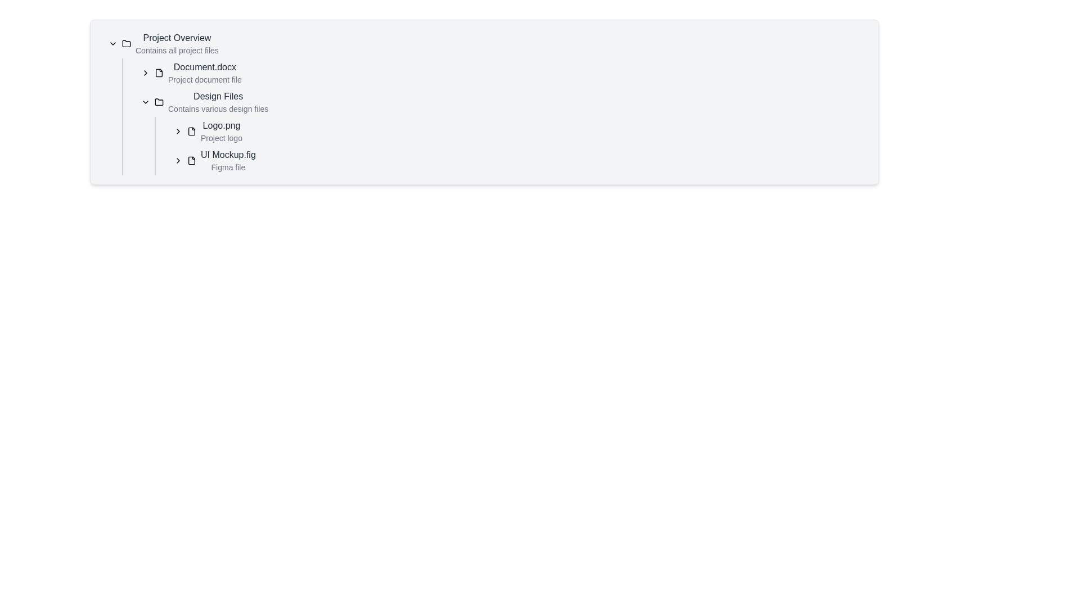 The height and width of the screenshot is (607, 1080). I want to click on the document file icon located between the chevron icon and the text 'Document.docx' in the row labeled 'Document.docx Project document file', so click(159, 73).